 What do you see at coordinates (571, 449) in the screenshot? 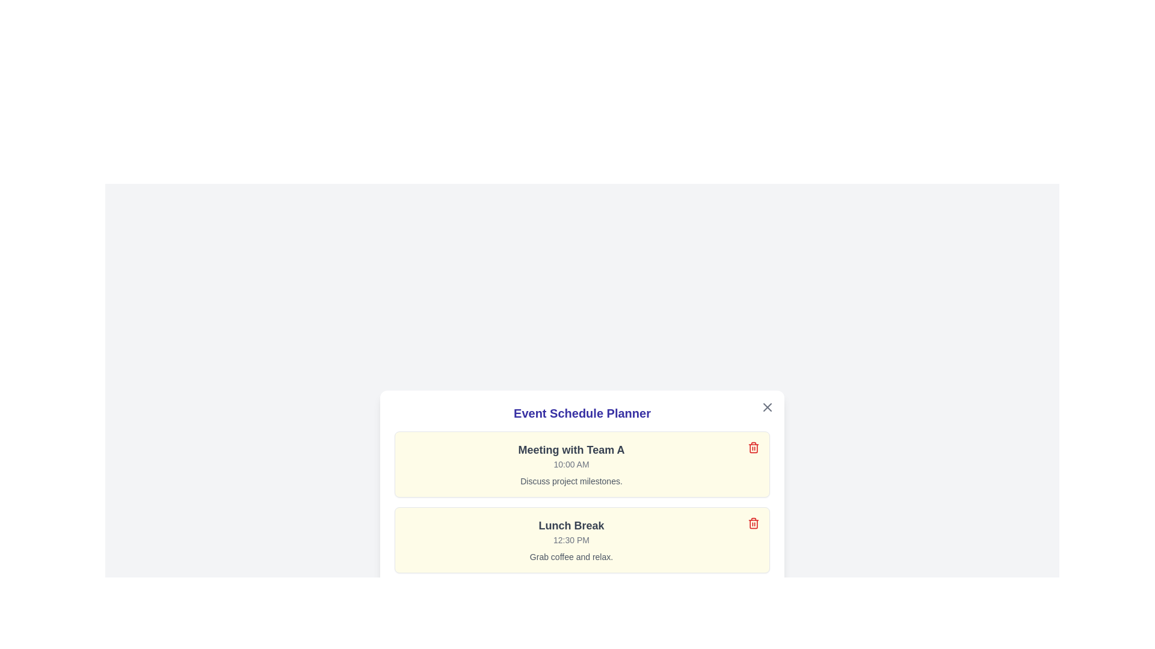
I see `the Text Label that serves as the title or header for the meeting event, positioned at the top of the meeting details block` at bounding box center [571, 449].